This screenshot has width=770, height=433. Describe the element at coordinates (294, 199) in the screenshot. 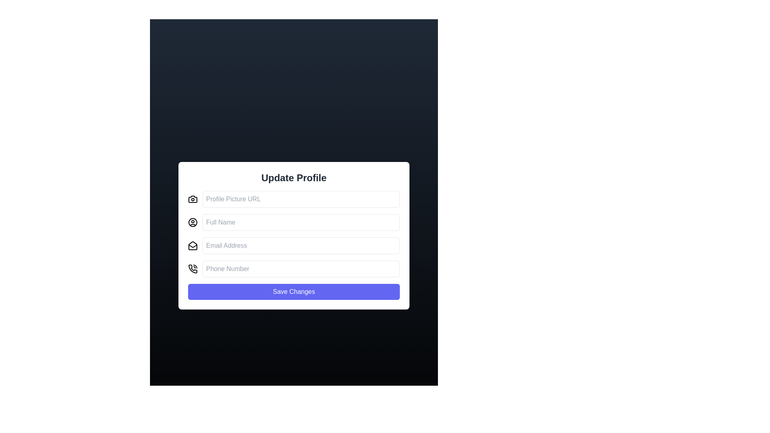

I see `keyboard navigation` at that location.